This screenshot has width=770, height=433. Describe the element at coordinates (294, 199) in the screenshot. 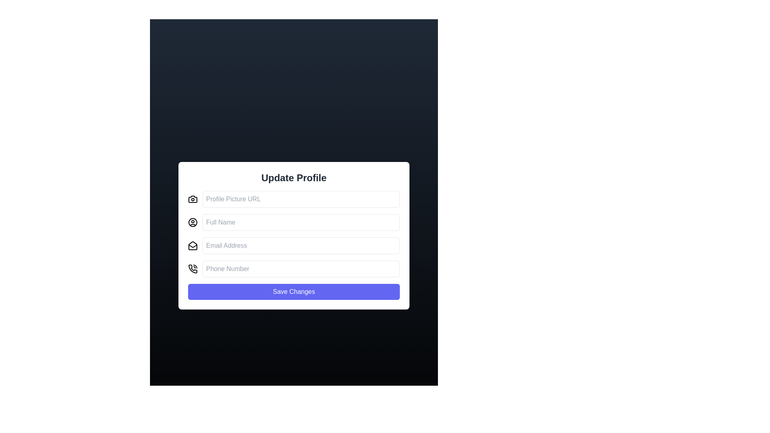

I see `keyboard navigation` at that location.